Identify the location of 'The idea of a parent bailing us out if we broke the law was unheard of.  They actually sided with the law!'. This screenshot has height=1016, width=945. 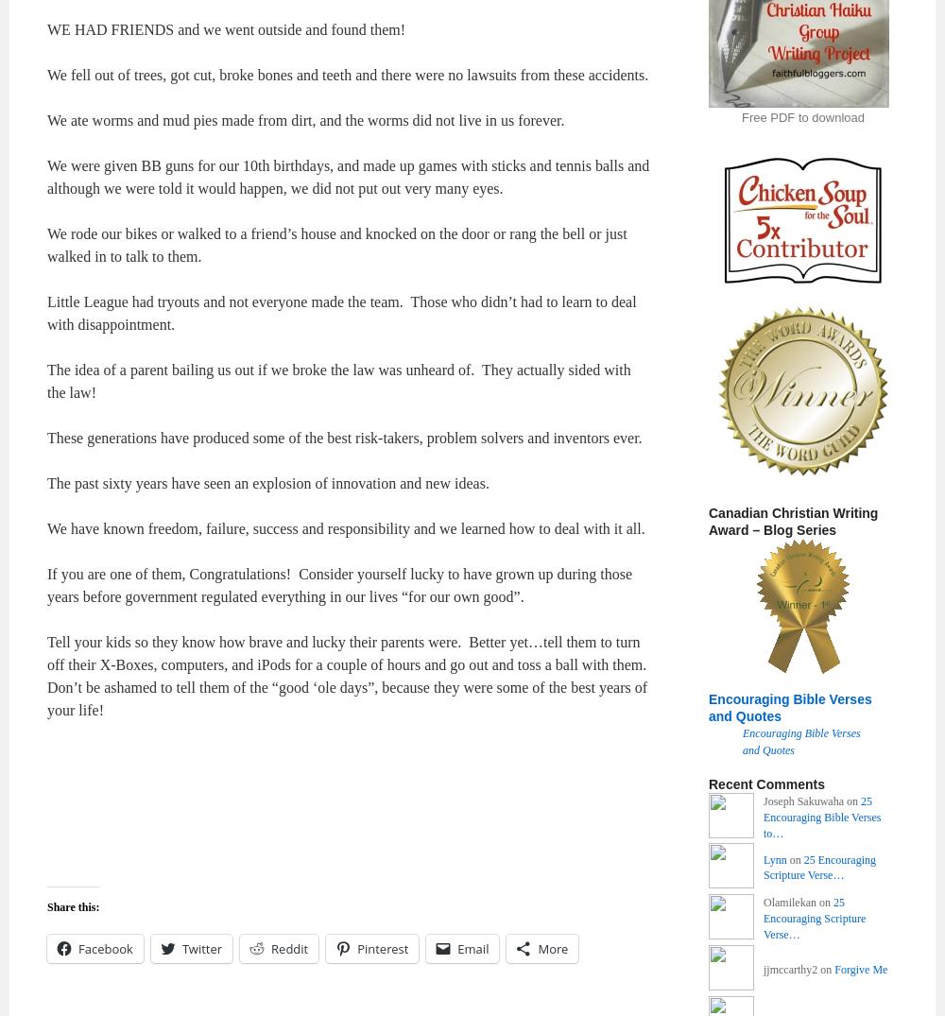
(337, 380).